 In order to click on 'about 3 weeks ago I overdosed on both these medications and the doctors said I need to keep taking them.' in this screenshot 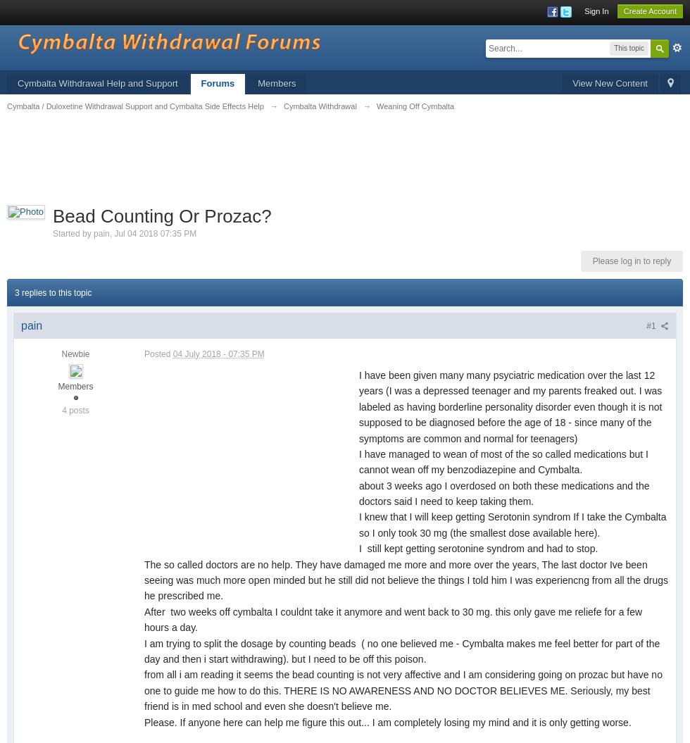, I will do `click(503, 492)`.